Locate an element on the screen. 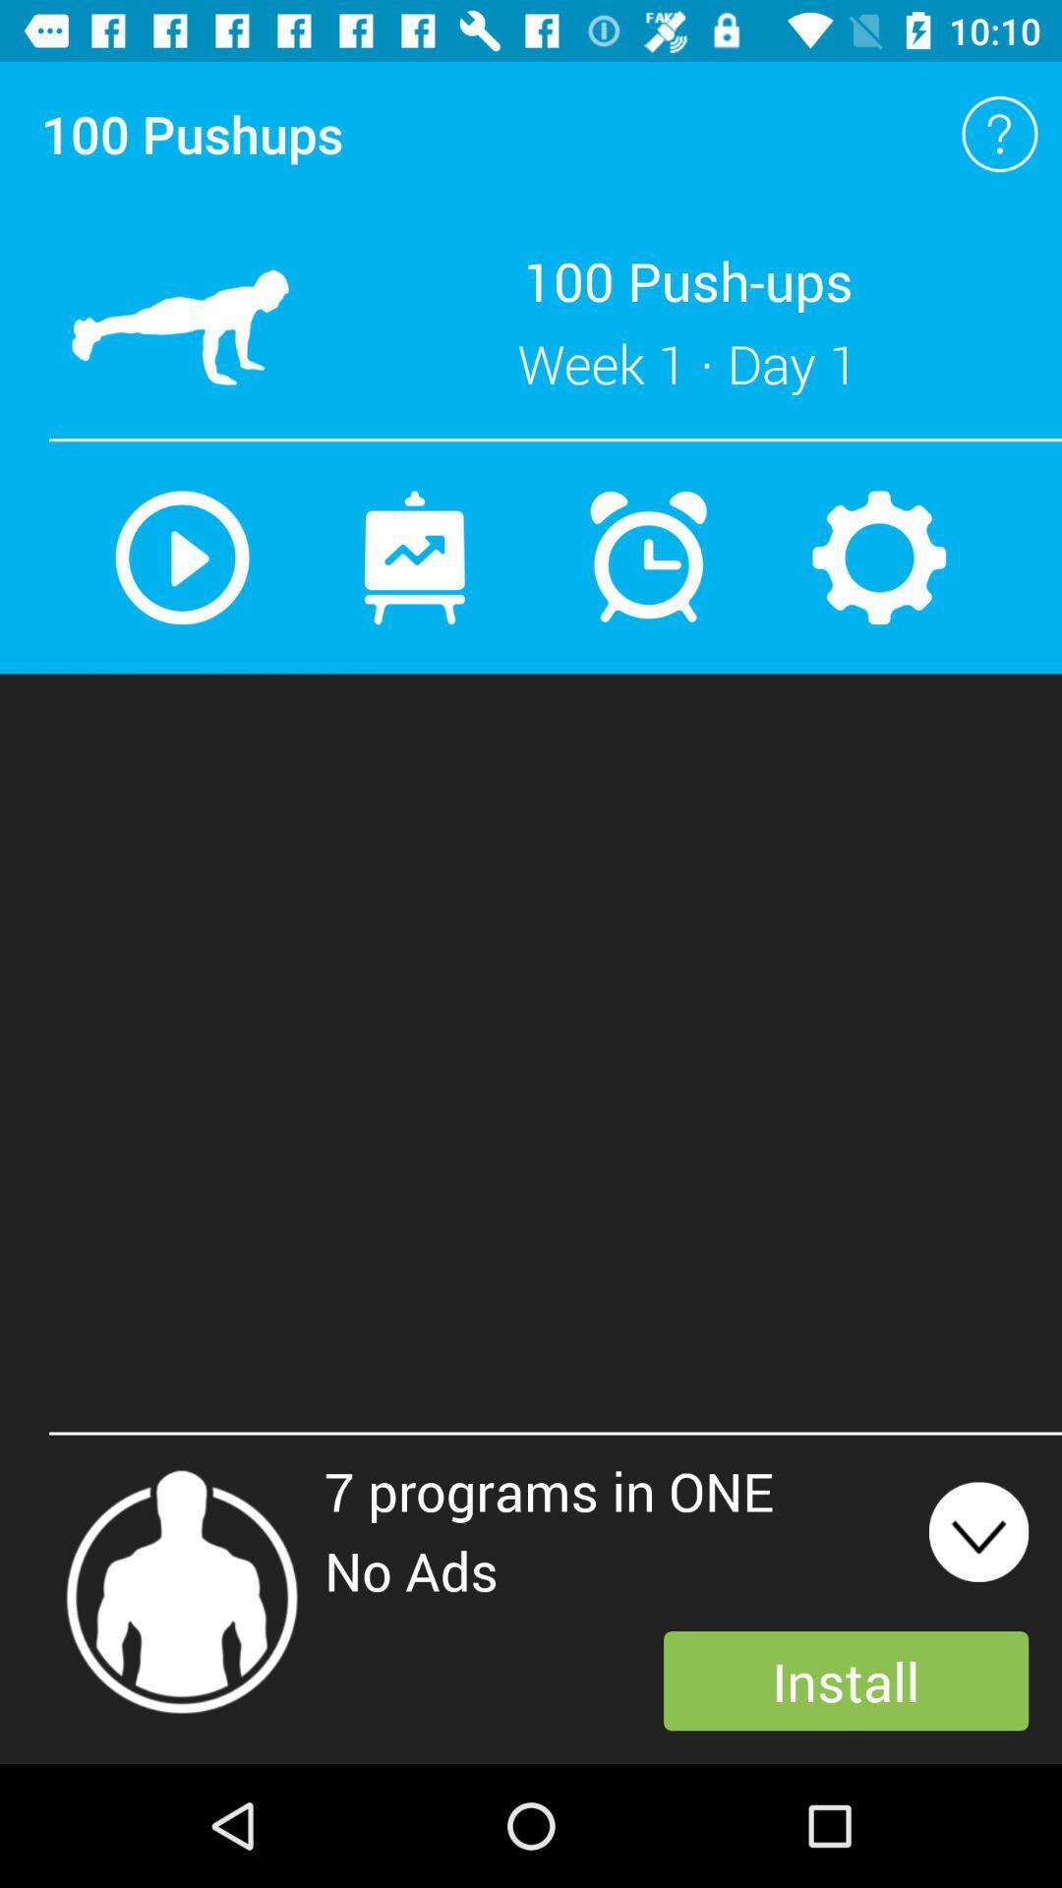 This screenshot has width=1062, height=1888. the expand_more icon is located at coordinates (978, 1531).